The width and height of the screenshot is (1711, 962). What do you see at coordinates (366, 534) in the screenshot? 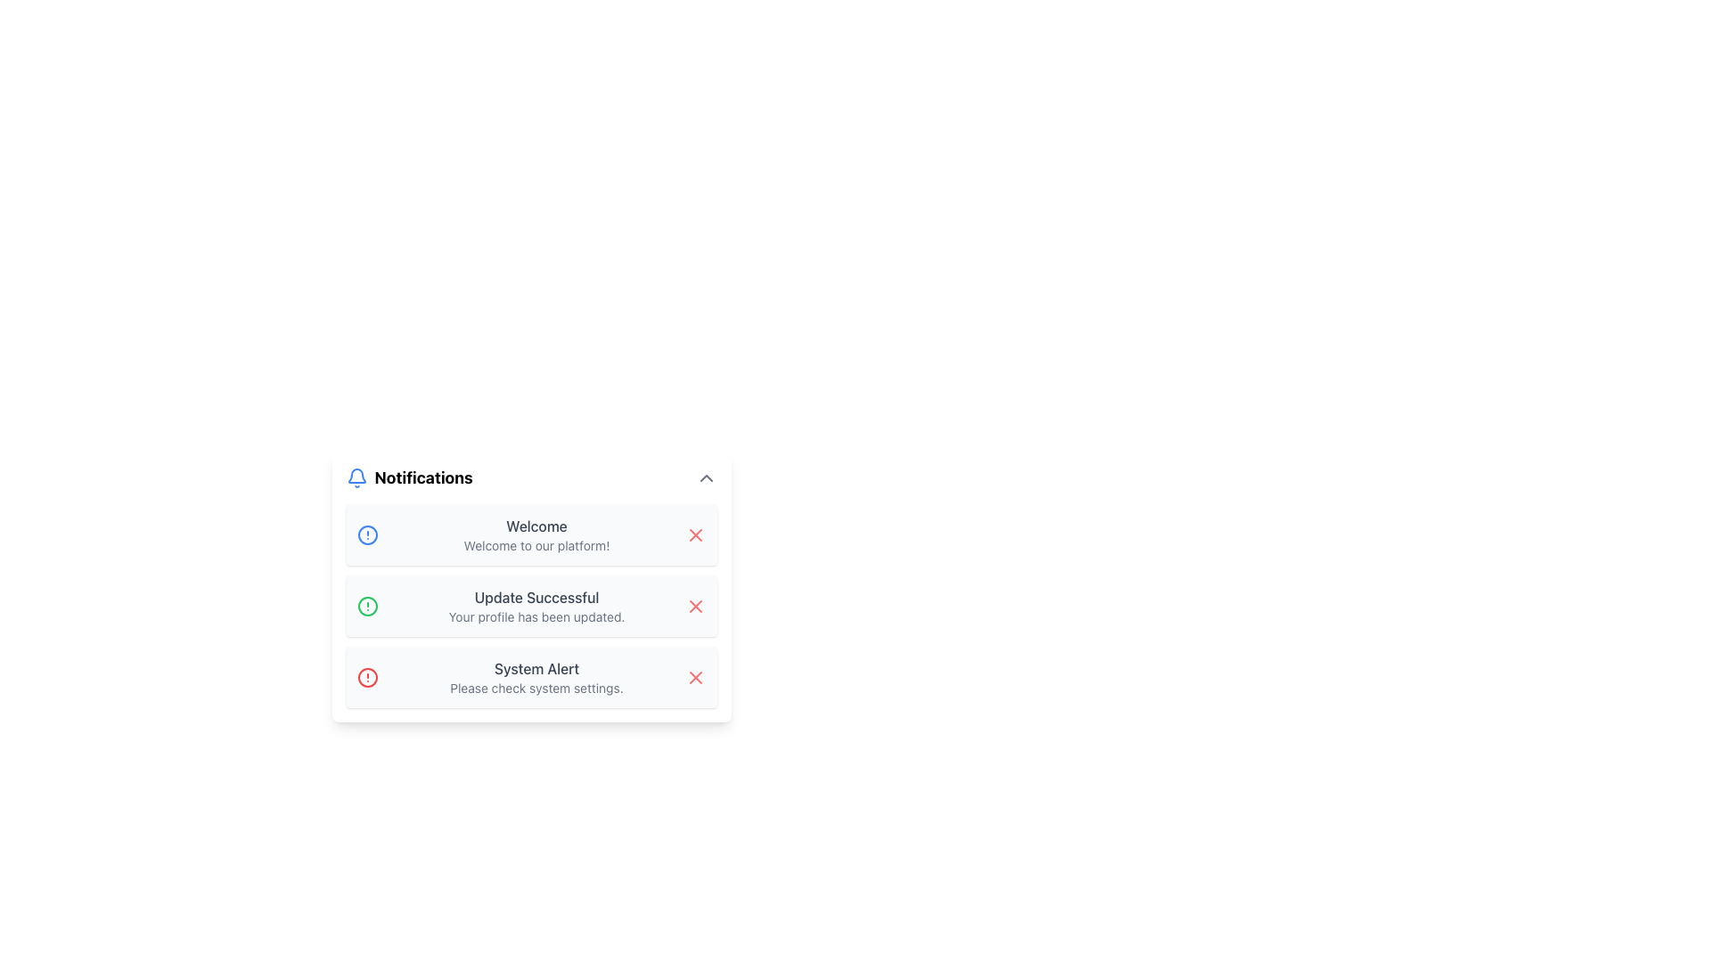
I see `the alert icon located to the left of the 'Welcome' notification text` at bounding box center [366, 534].